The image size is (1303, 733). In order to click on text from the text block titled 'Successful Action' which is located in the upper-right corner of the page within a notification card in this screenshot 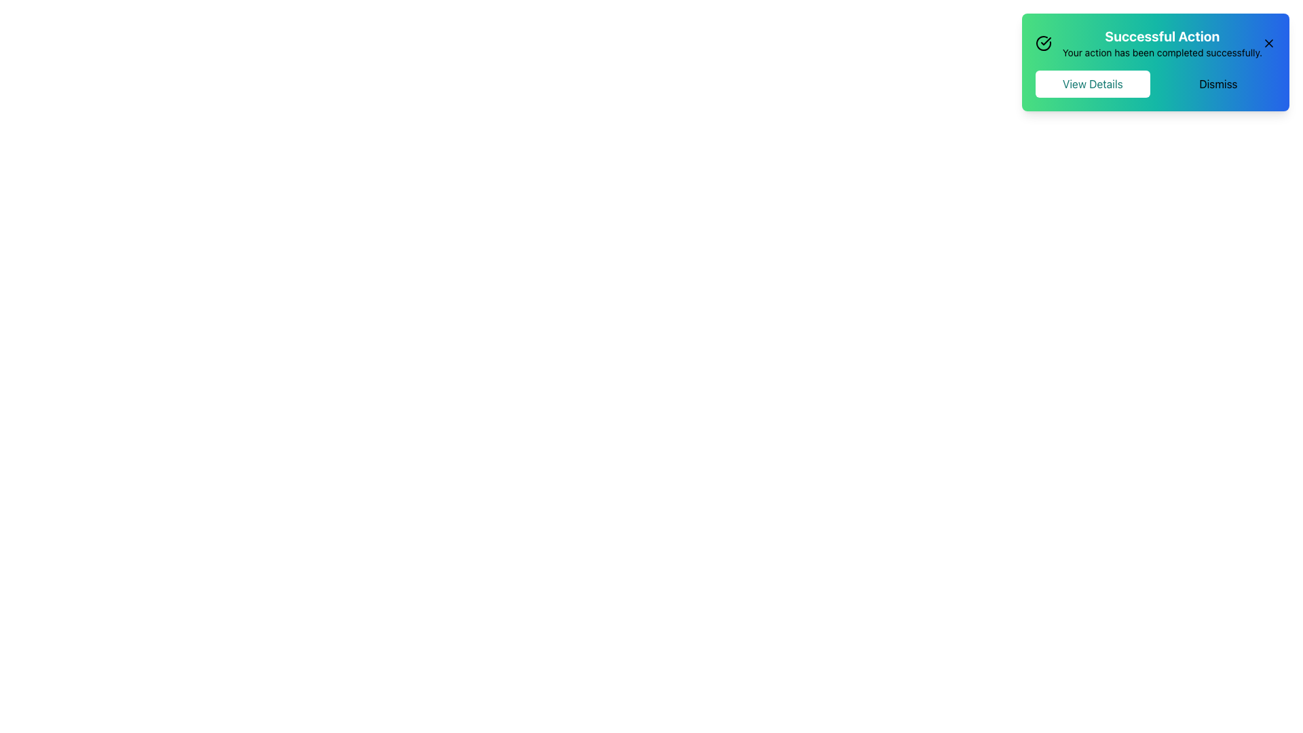, I will do `click(1161, 43)`.